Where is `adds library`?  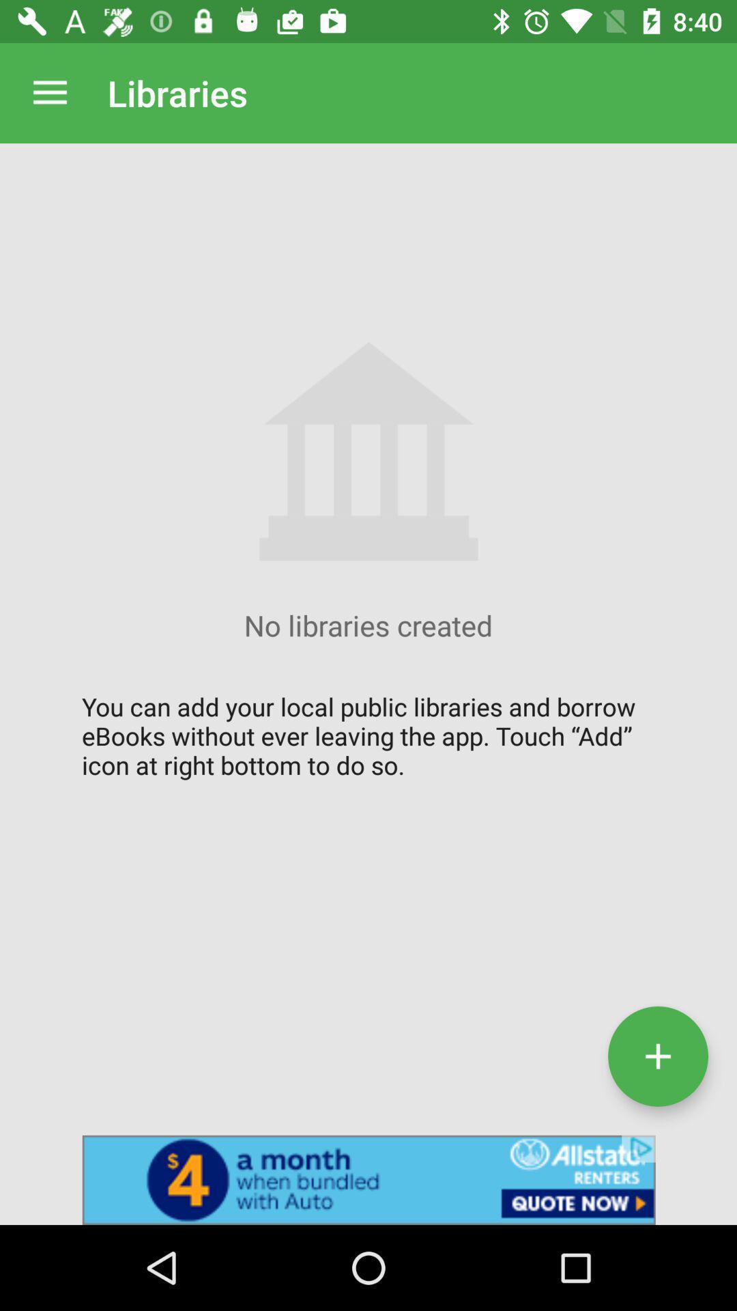 adds library is located at coordinates (657, 1056).